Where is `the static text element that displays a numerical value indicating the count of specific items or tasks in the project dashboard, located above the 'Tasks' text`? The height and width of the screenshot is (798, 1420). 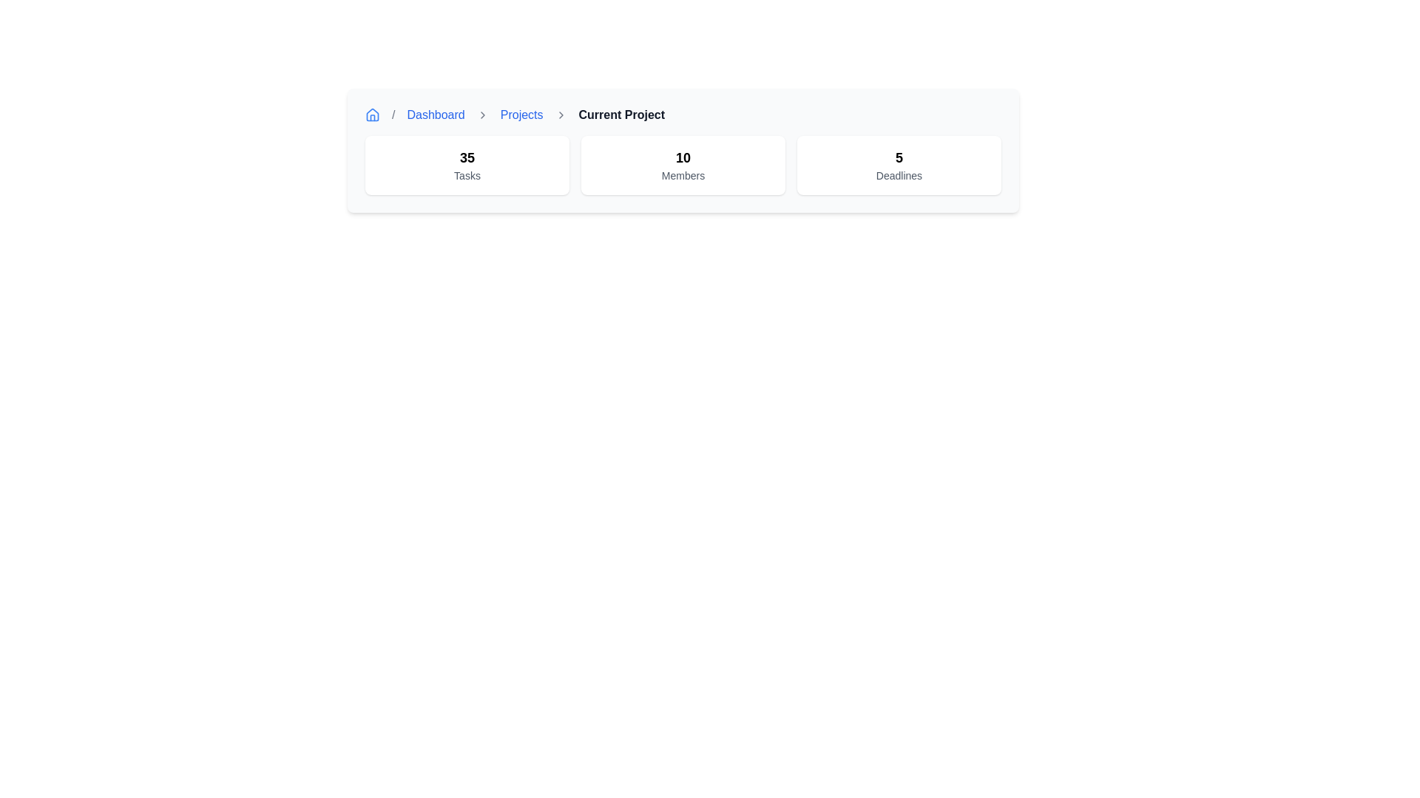 the static text element that displays a numerical value indicating the count of specific items or tasks in the project dashboard, located above the 'Tasks' text is located at coordinates (467, 157).